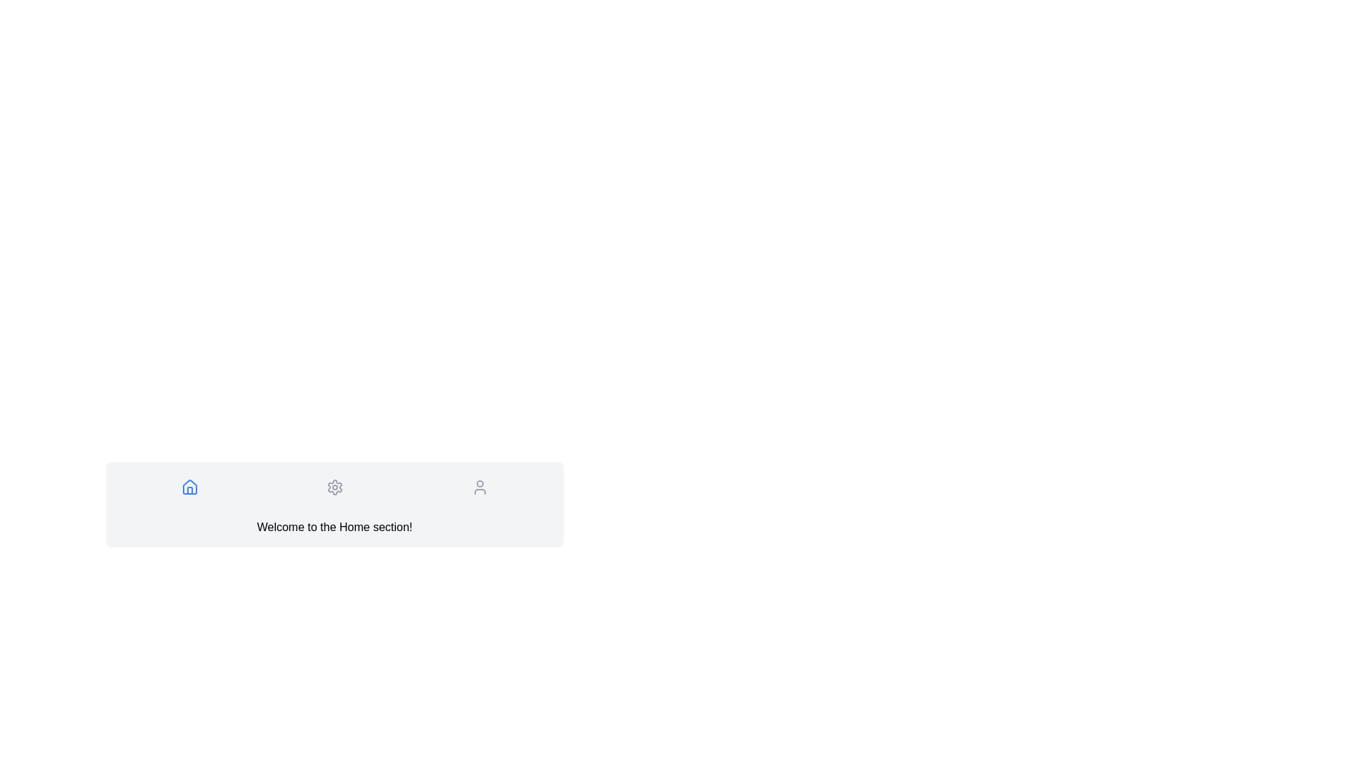 This screenshot has width=1372, height=772. I want to click on the settings icon button located in the center of the horizontal navigation bar, which is the second option among three interactive elements, so click(334, 487).